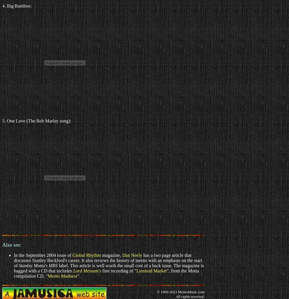 This screenshot has height=299, width=289. What do you see at coordinates (62, 276) in the screenshot?
I see `'Mento 
			Madness'` at bounding box center [62, 276].